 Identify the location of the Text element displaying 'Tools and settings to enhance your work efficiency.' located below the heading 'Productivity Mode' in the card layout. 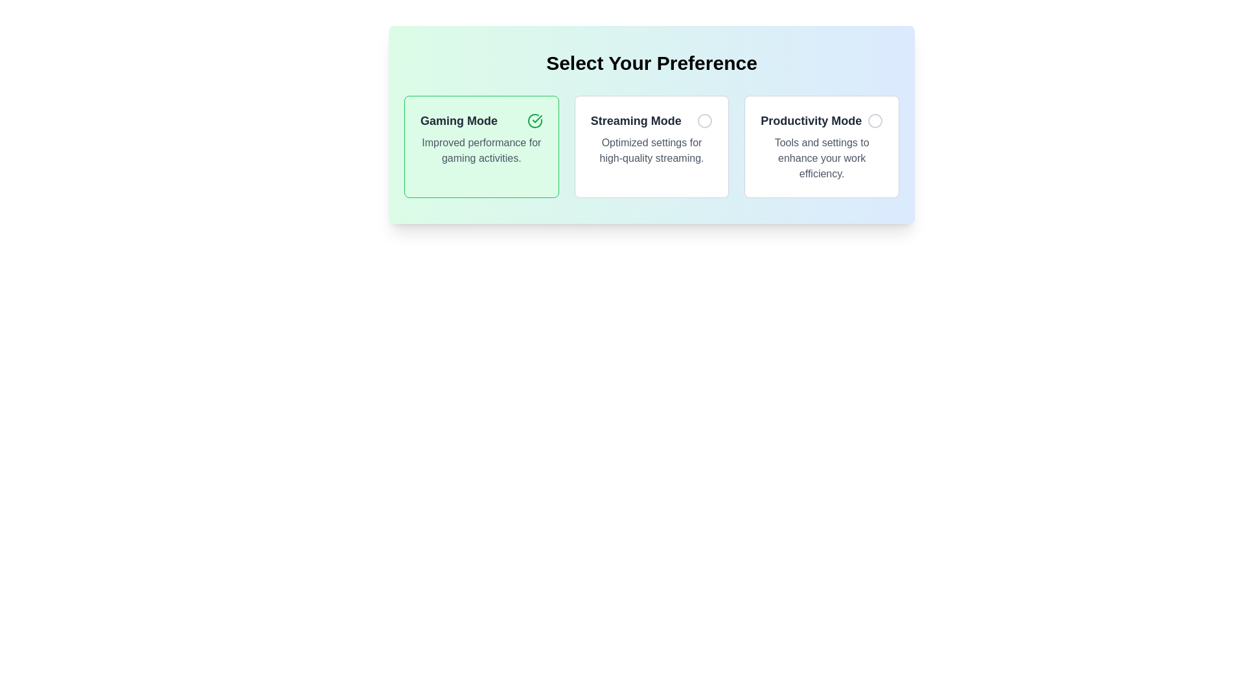
(821, 158).